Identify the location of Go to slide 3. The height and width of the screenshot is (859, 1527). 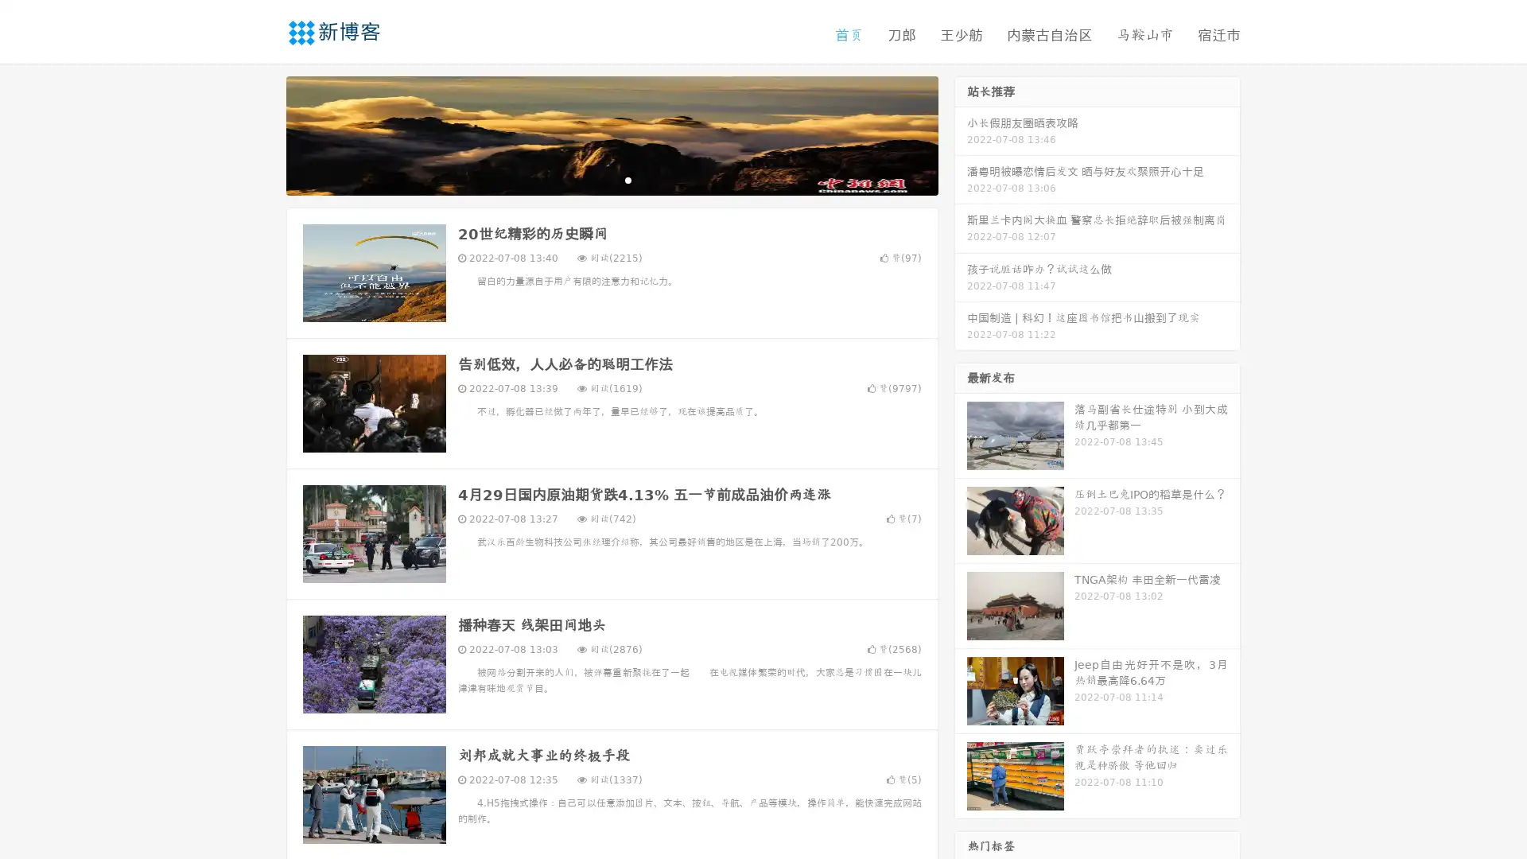
(628, 179).